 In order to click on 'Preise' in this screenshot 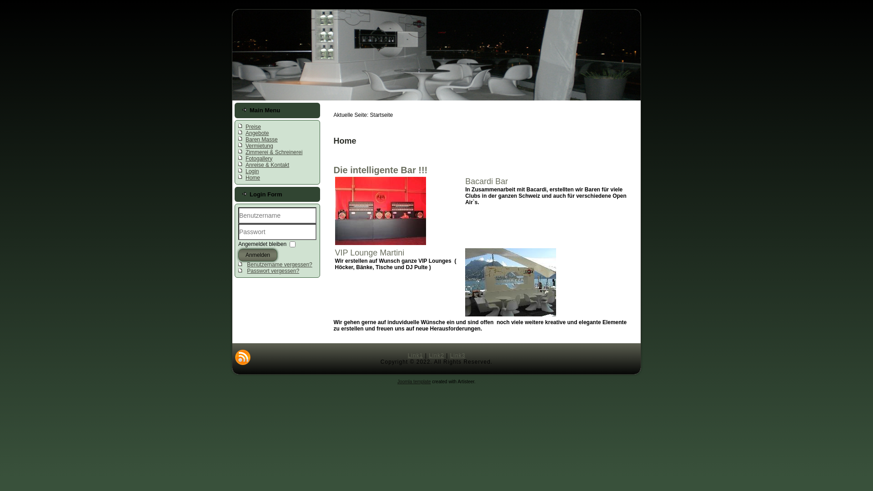, I will do `click(253, 126)`.